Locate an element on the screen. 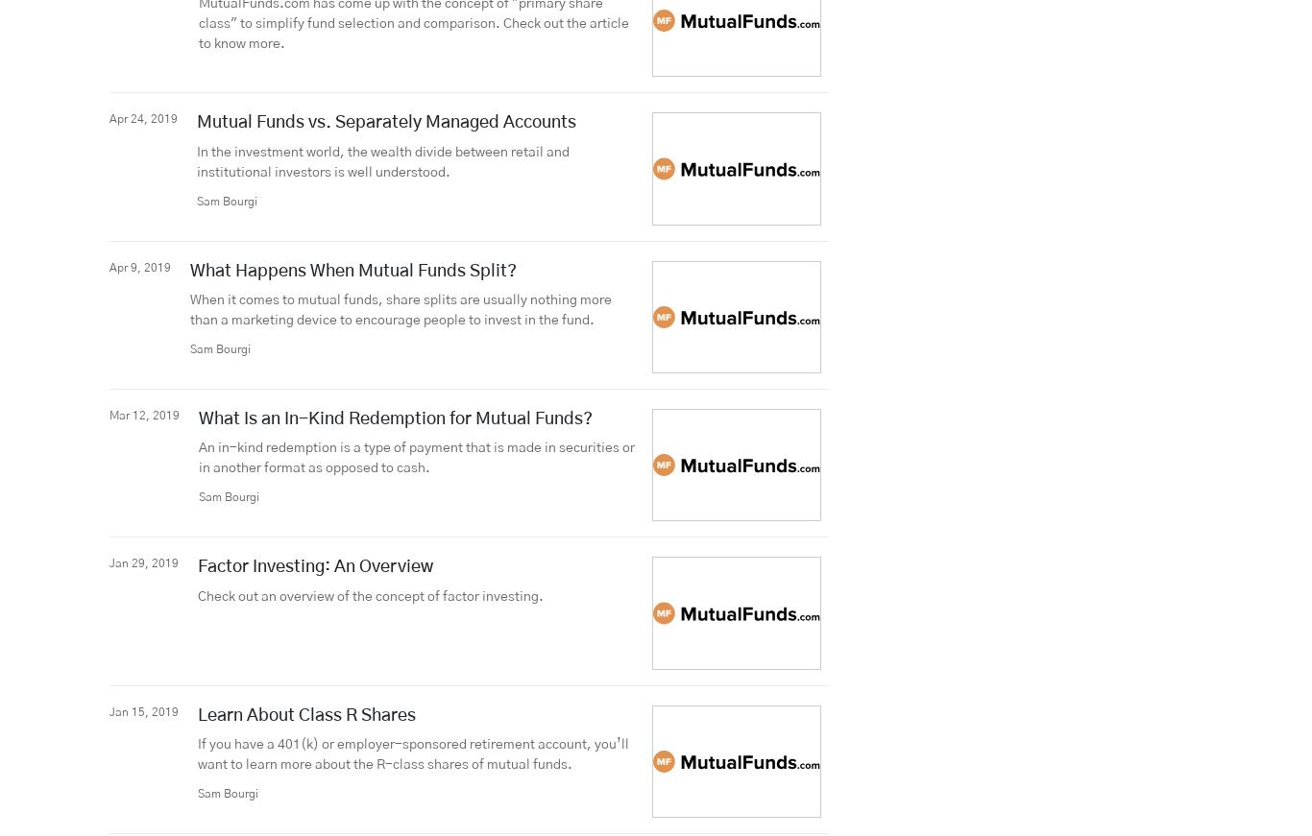 Image resolution: width=1312 pixels, height=836 pixels. 'Jan 15, 2019' is located at coordinates (142, 710).